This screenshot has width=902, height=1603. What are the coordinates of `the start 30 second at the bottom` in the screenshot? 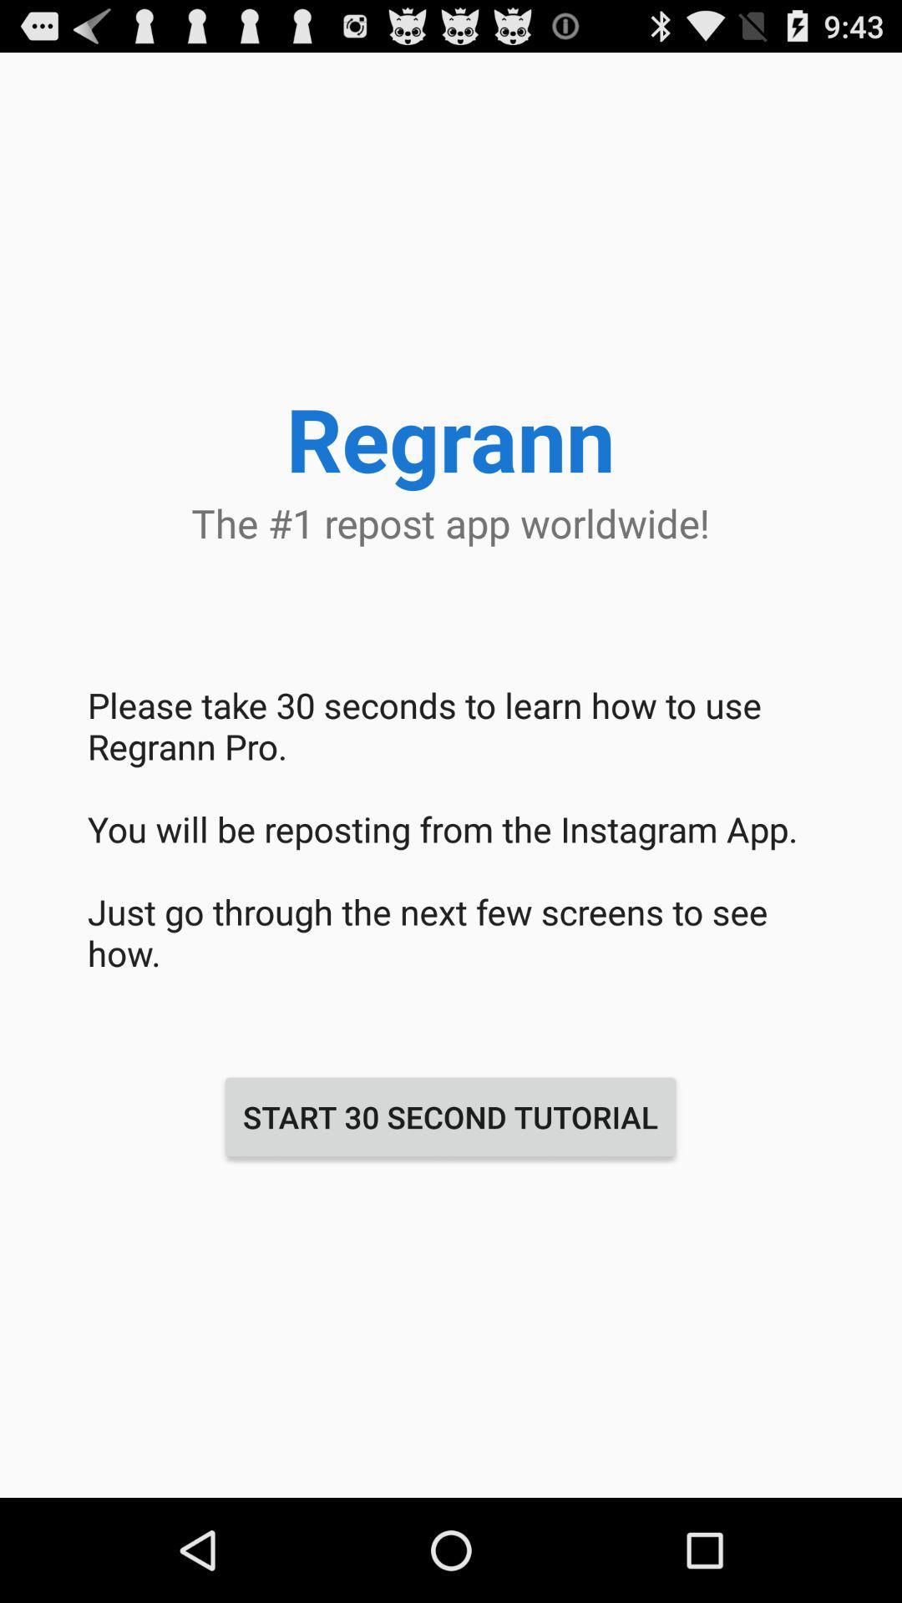 It's located at (449, 1117).